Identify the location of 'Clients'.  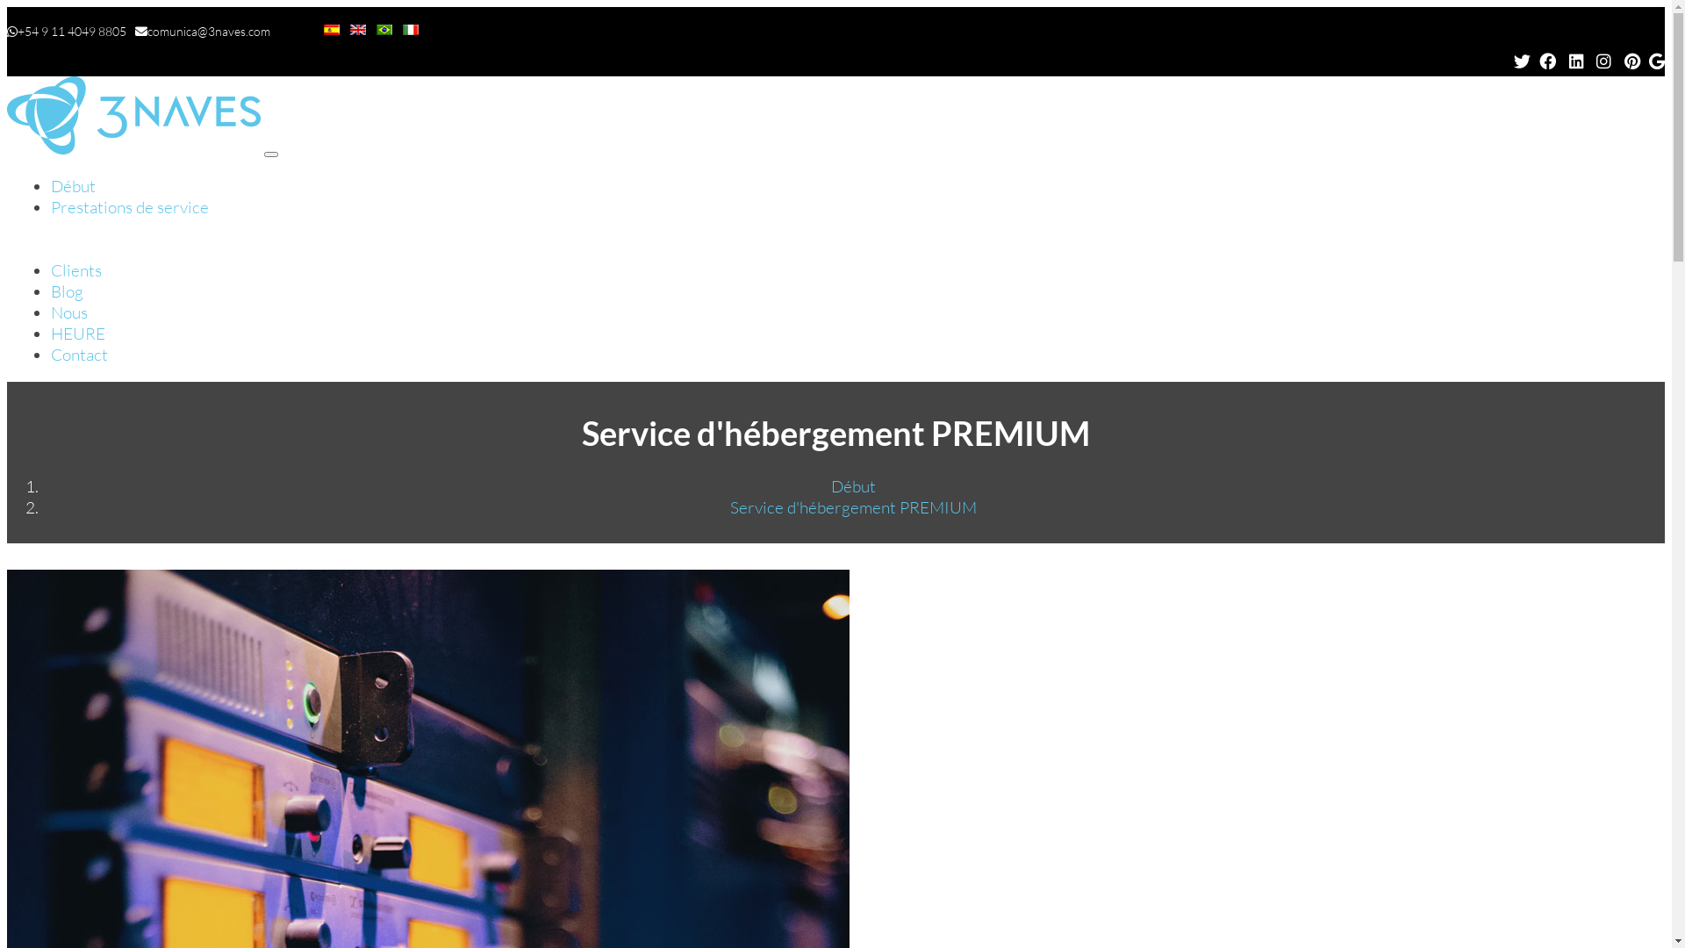
(75, 270).